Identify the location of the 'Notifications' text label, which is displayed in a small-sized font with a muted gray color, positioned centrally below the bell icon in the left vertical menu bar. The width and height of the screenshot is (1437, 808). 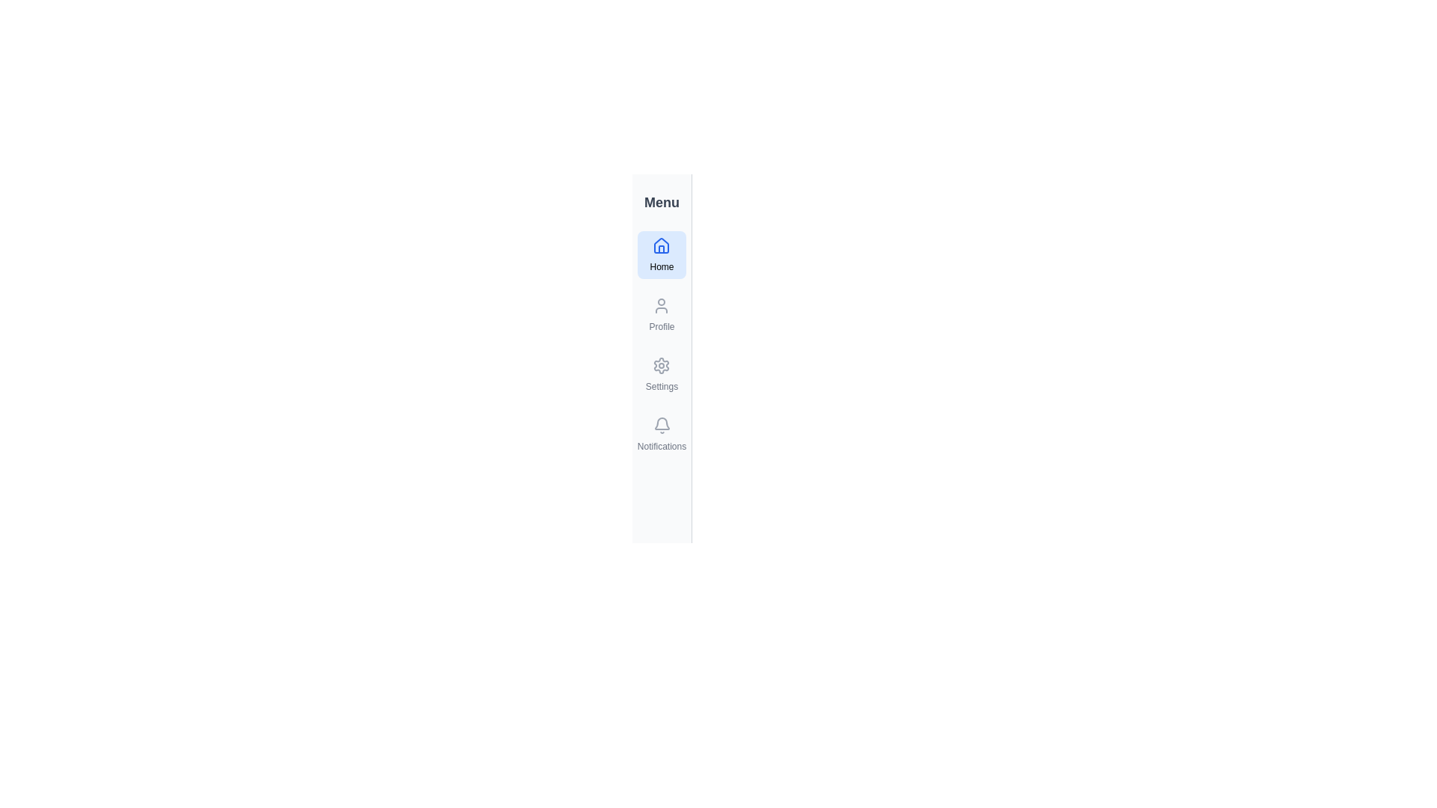
(661, 446).